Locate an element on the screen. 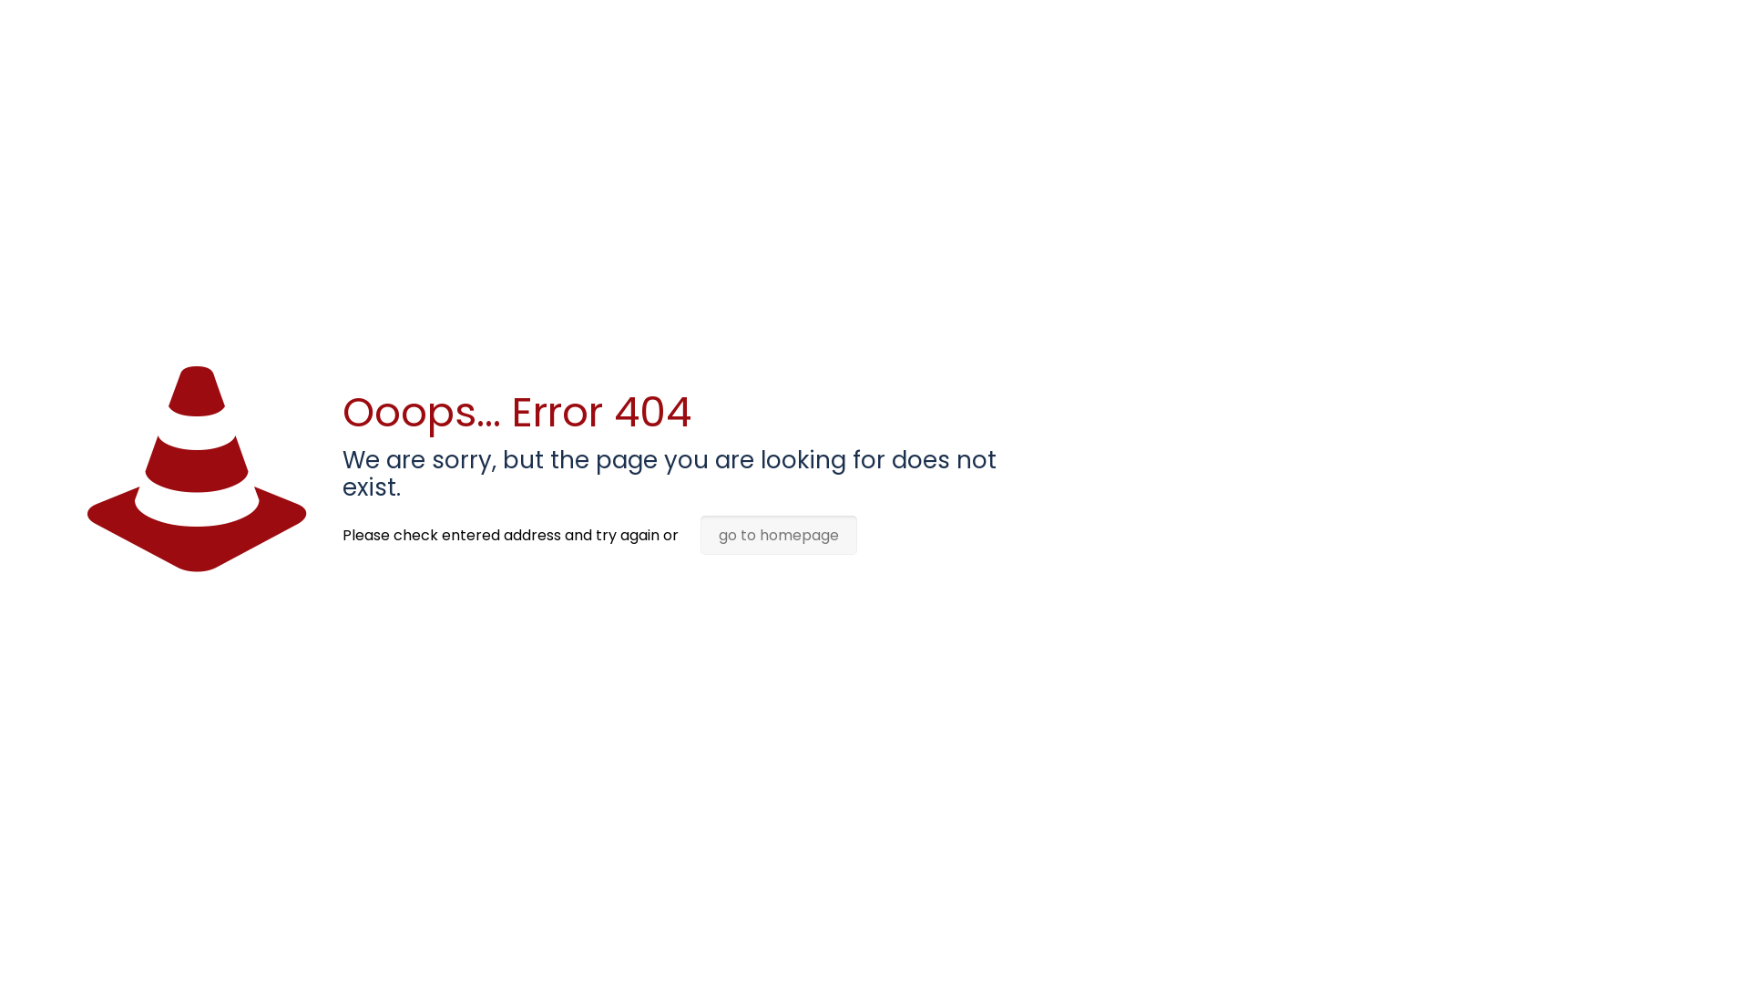 The width and height of the screenshot is (1749, 984). 'go to homepage' is located at coordinates (778, 534).